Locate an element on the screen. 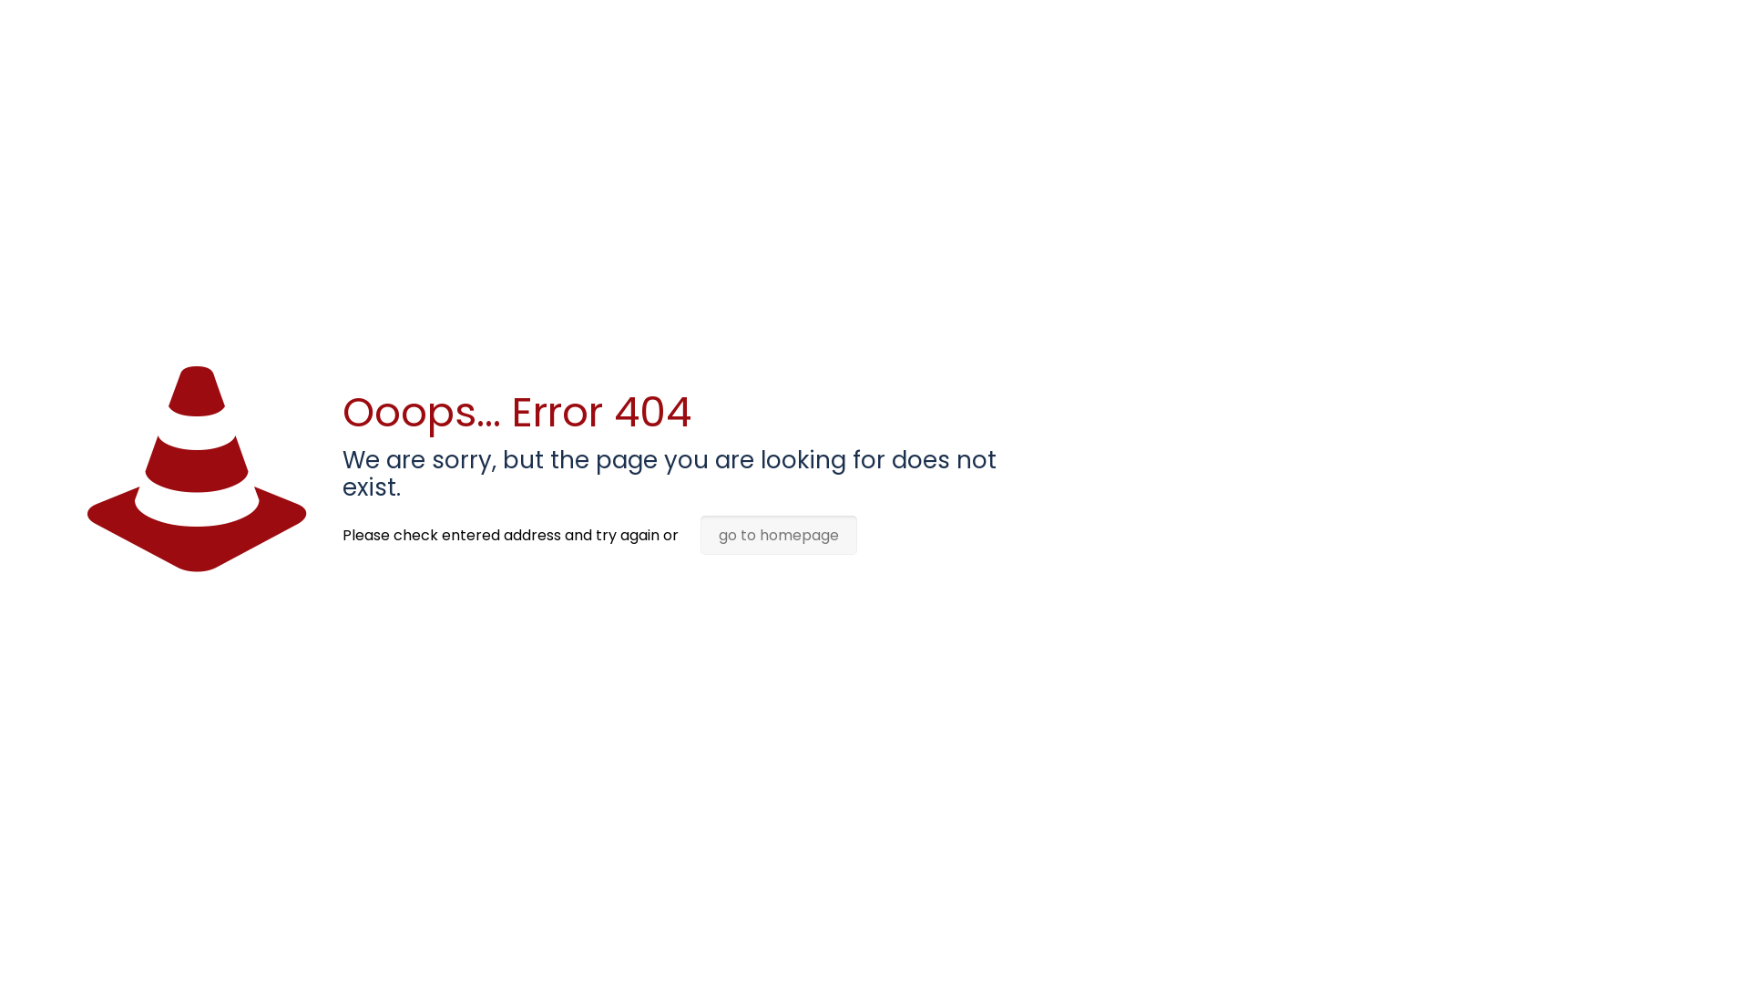 The width and height of the screenshot is (1749, 984). 'go to homepage' is located at coordinates (778, 534).